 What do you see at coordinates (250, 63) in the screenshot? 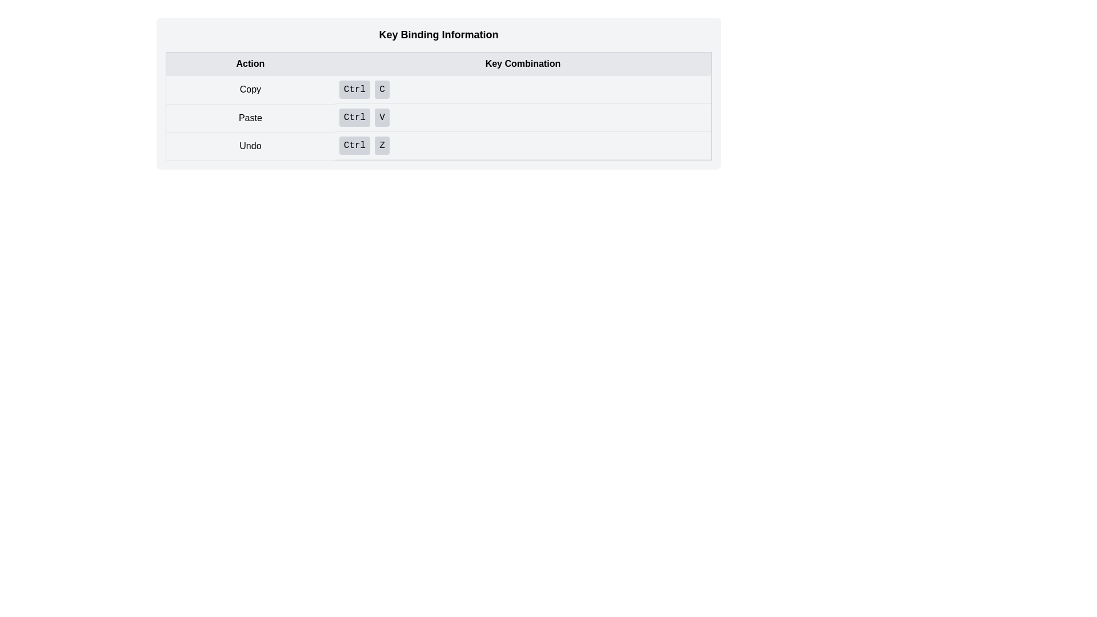
I see `text of the header label for the 'Action' column located at the top-left of the two-column header row in the table` at bounding box center [250, 63].